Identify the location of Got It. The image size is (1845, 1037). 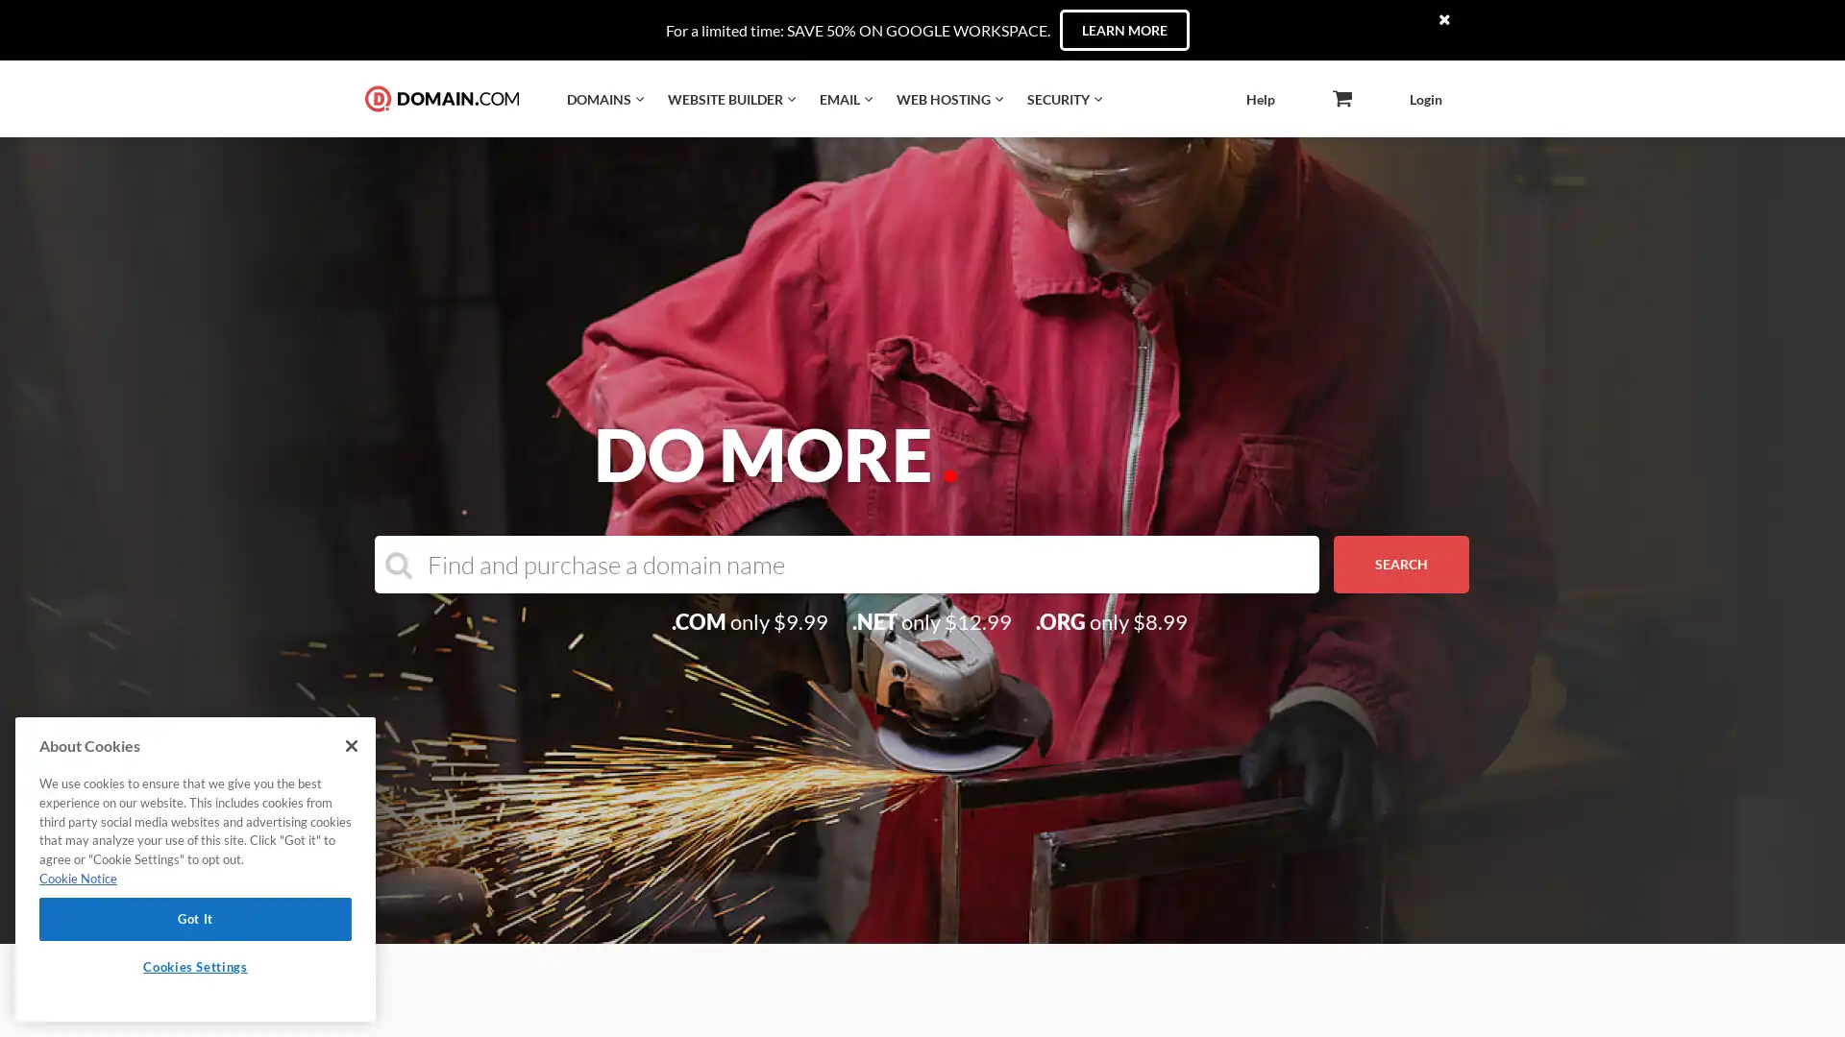
(195, 917).